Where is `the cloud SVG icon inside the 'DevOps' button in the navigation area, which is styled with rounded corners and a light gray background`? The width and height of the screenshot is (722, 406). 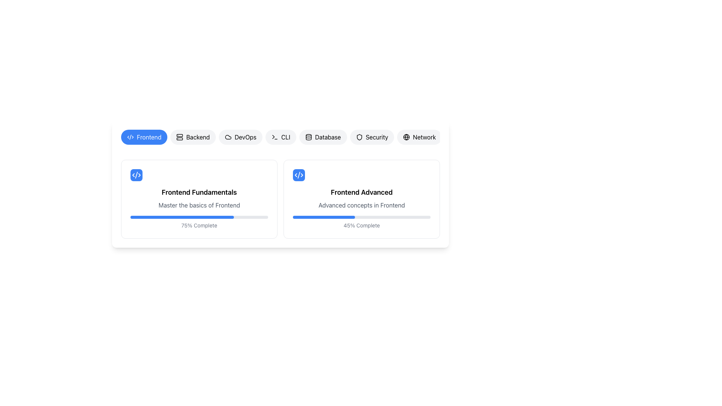 the cloud SVG icon inside the 'DevOps' button in the navigation area, which is styled with rounded corners and a light gray background is located at coordinates (228, 137).